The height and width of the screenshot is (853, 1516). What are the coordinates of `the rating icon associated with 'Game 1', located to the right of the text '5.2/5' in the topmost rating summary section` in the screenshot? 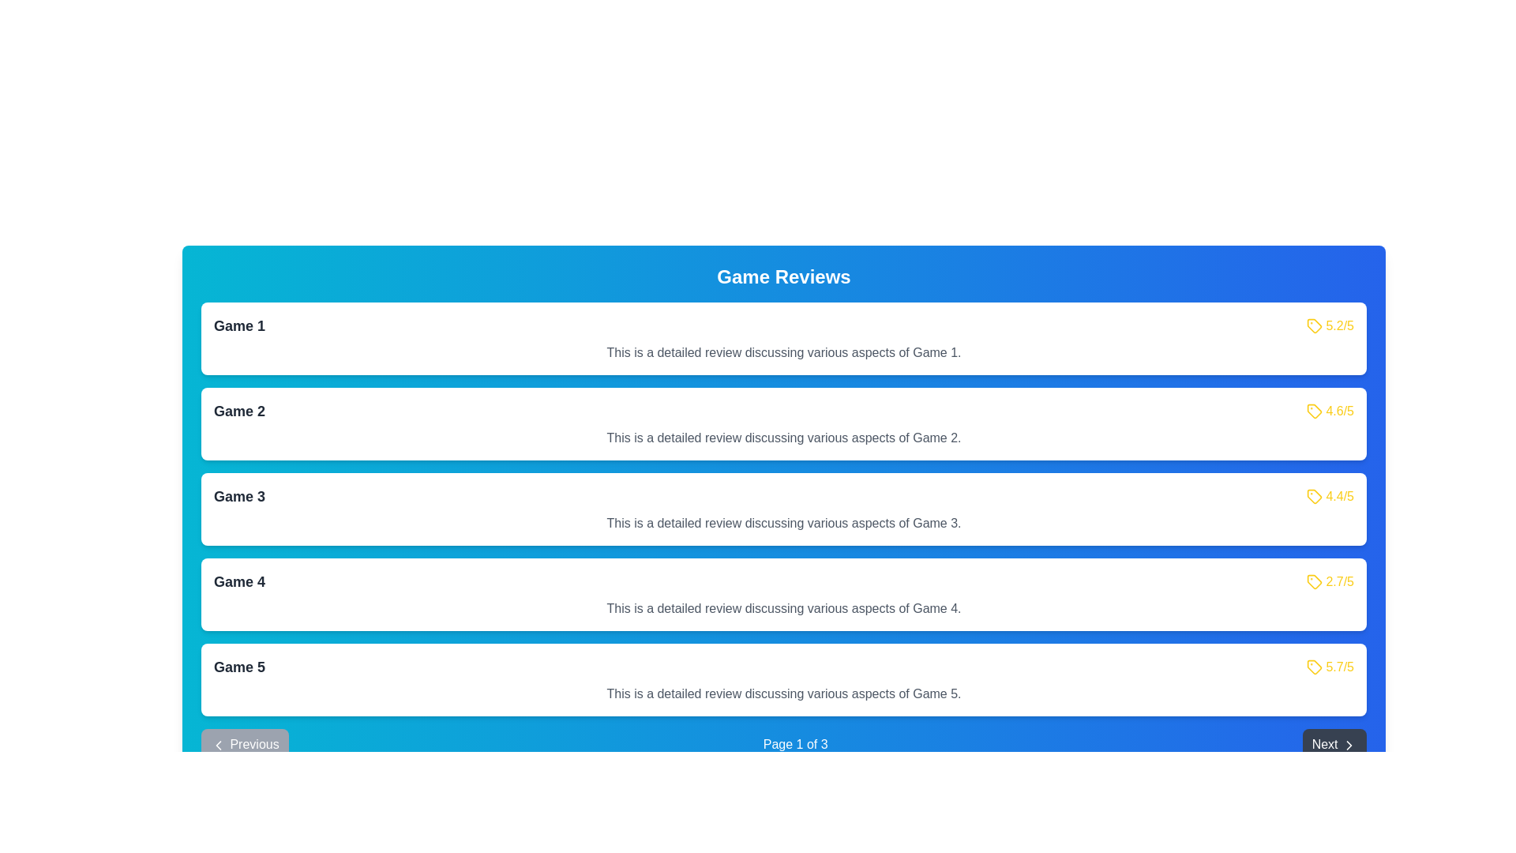 It's located at (1315, 325).